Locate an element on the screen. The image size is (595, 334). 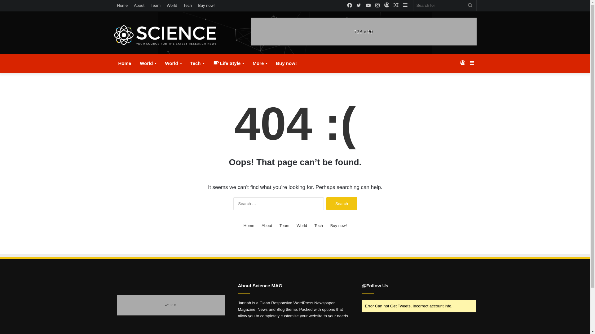
'@Follow Us' is located at coordinates (374, 285).